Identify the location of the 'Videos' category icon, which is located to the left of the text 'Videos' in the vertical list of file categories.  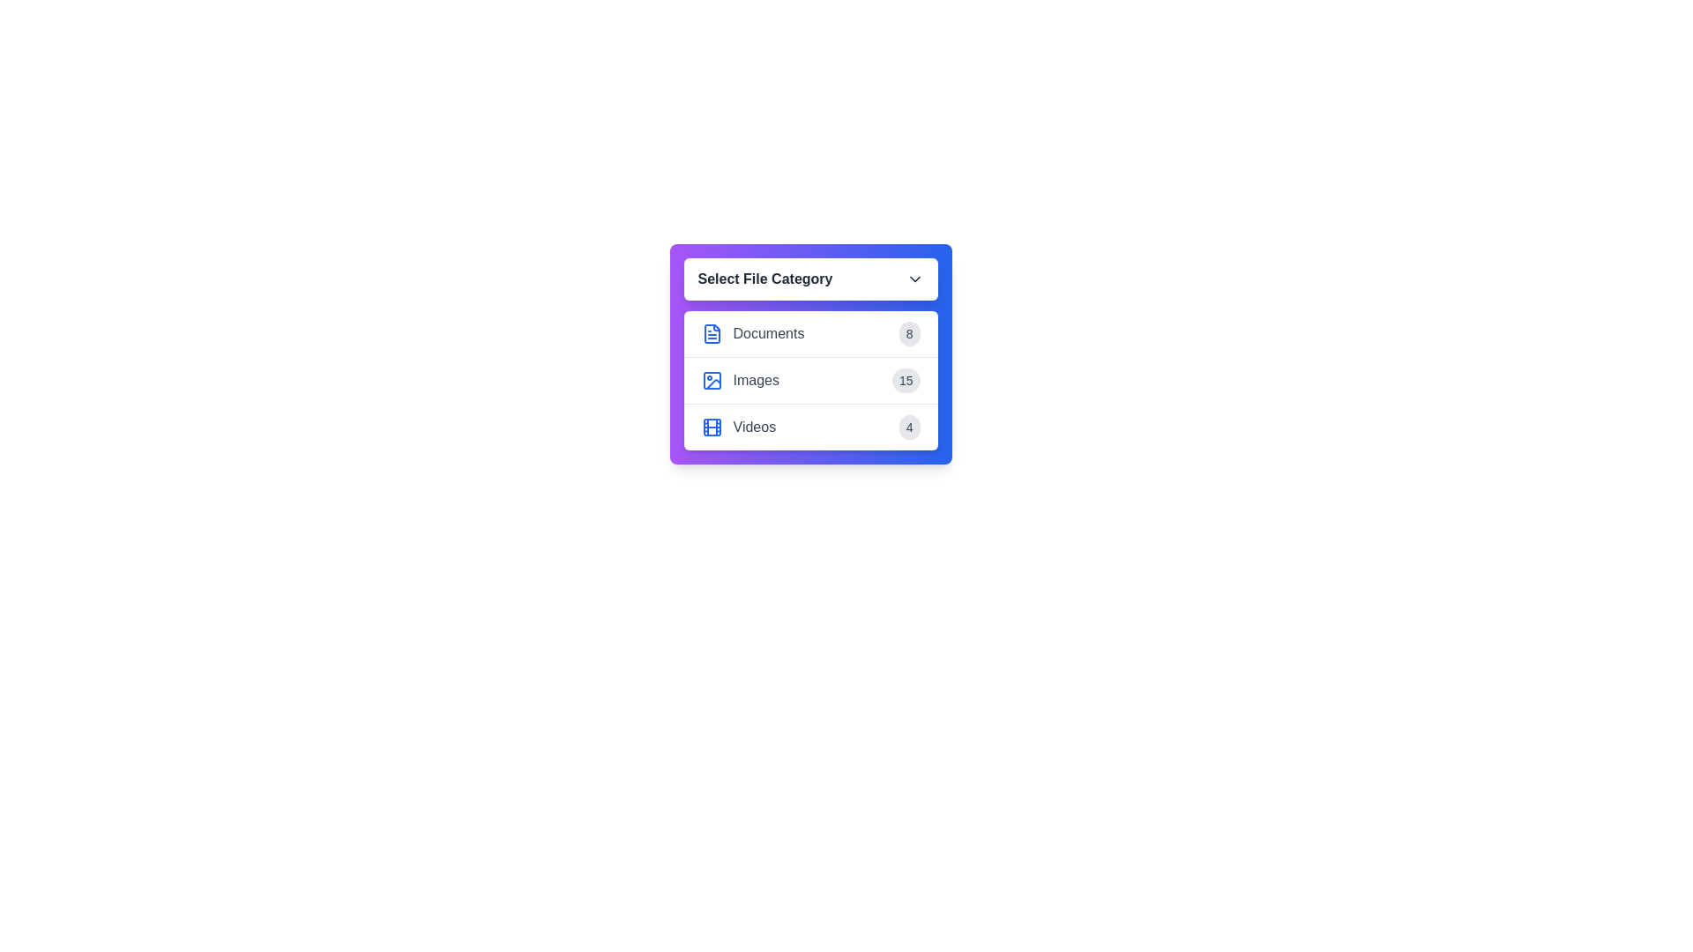
(712, 428).